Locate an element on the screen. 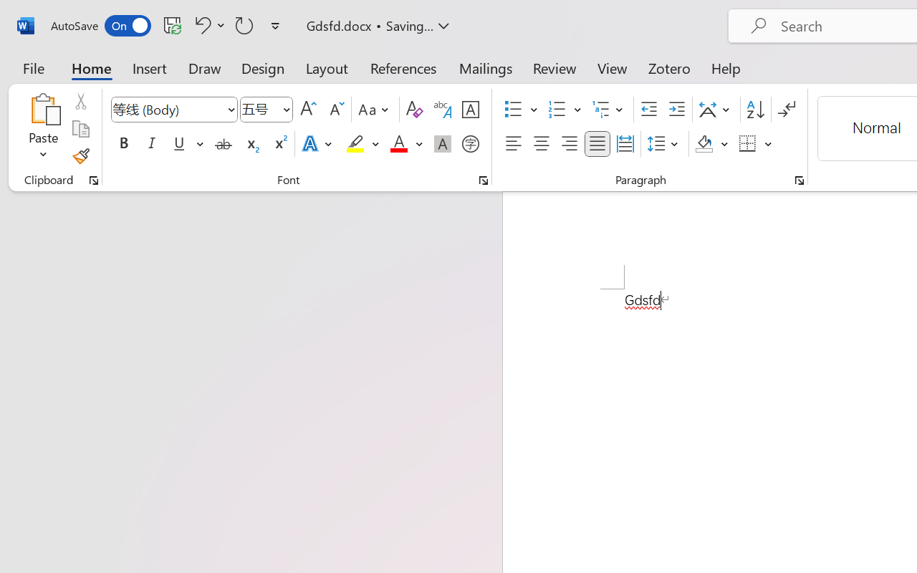 Image resolution: width=917 pixels, height=573 pixels. 'Font Color Red' is located at coordinates (398, 144).